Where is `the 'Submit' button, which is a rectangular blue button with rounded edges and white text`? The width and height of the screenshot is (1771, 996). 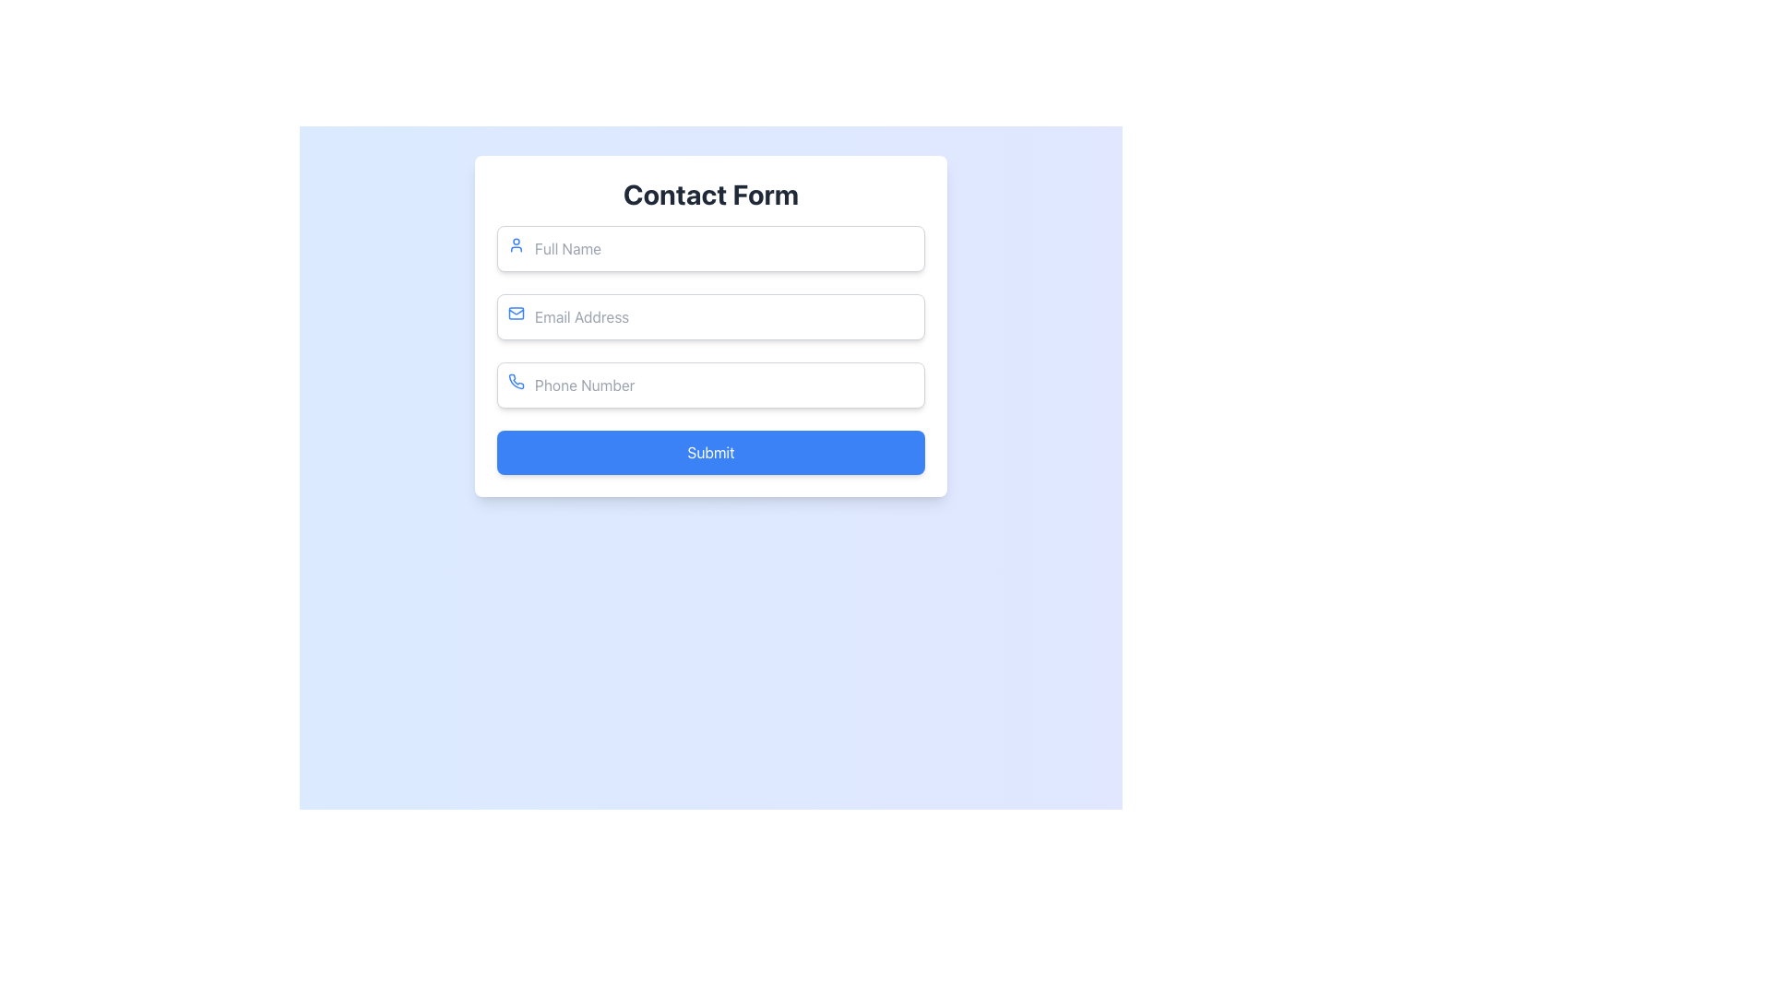
the 'Submit' button, which is a rectangular blue button with rounded edges and white text is located at coordinates (710, 452).